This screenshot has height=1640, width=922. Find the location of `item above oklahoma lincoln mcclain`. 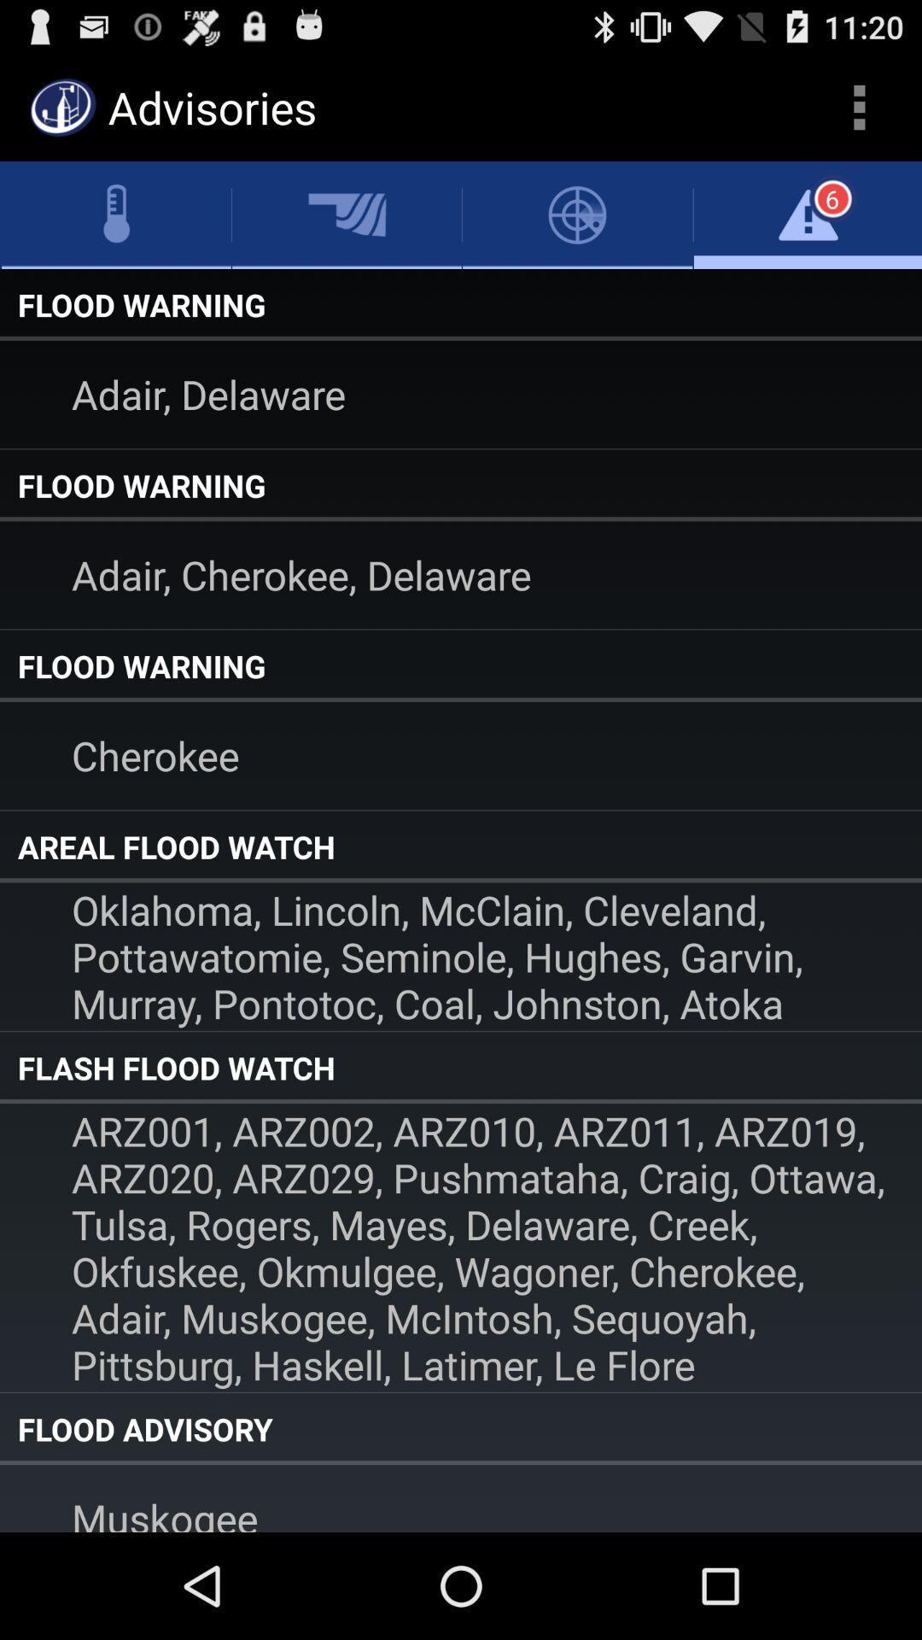

item above oklahoma lincoln mcclain is located at coordinates (461, 846).